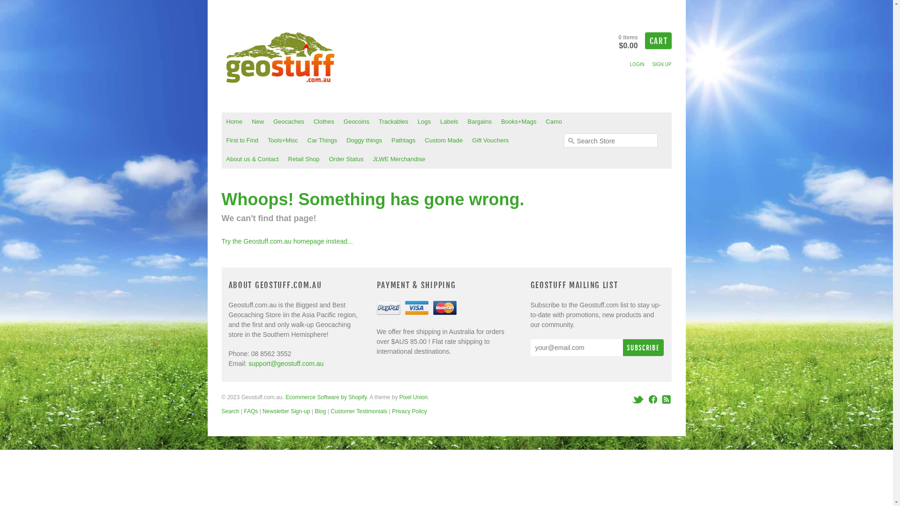 Image resolution: width=900 pixels, height=506 pixels. I want to click on 'Bargains', so click(480, 121).